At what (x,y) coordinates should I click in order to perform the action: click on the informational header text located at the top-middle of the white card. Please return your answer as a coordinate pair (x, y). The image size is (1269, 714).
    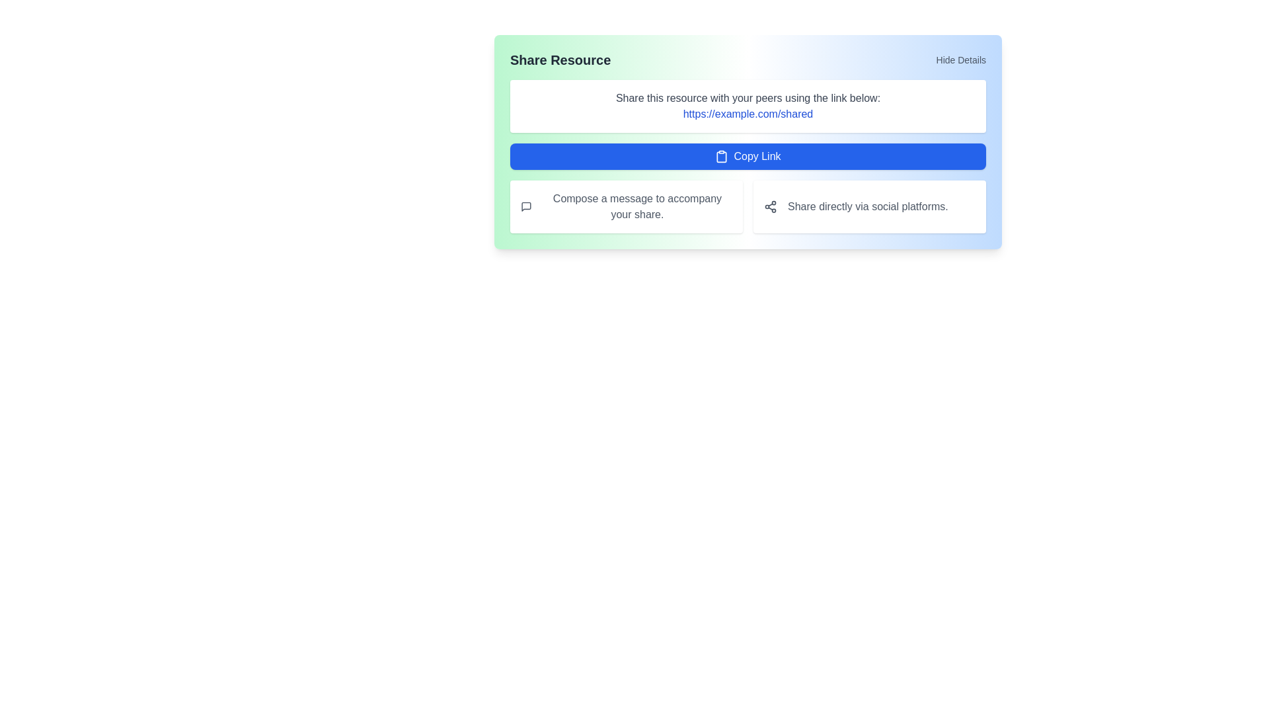
    Looking at the image, I should click on (748, 98).